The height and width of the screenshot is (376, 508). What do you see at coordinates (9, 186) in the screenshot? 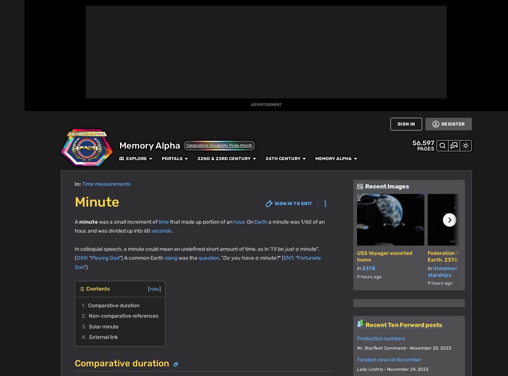
I see `'TV'` at bounding box center [9, 186].